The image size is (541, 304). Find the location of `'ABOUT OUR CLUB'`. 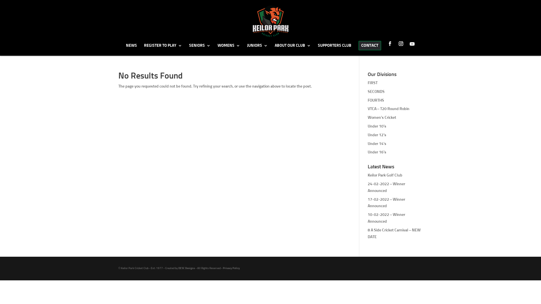

'ABOUT OUR CLUB' is located at coordinates (274, 49).